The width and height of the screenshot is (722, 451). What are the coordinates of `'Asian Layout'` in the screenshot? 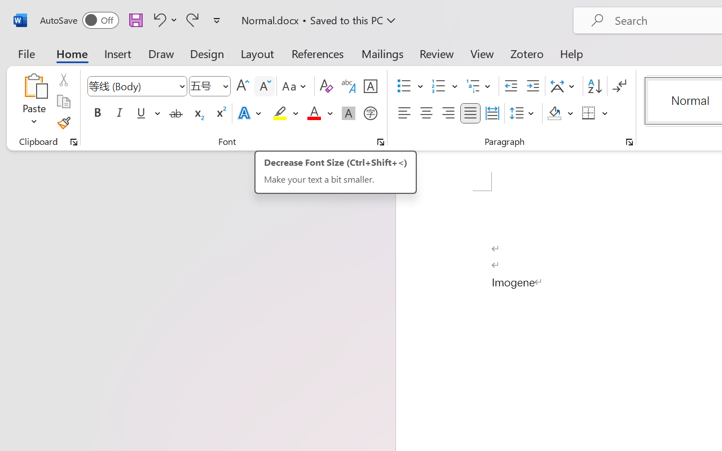 It's located at (564, 86).